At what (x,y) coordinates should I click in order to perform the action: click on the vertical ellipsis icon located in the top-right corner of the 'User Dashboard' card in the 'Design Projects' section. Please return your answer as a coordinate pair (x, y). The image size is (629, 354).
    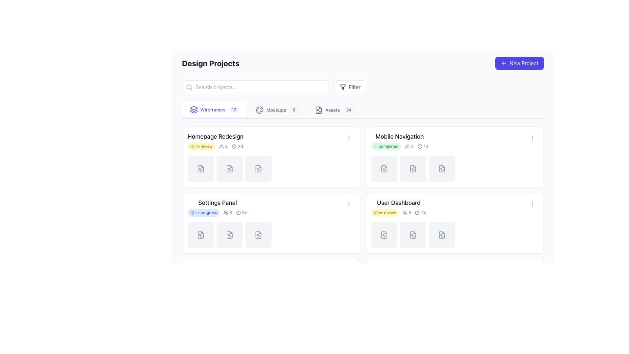
    Looking at the image, I should click on (532, 204).